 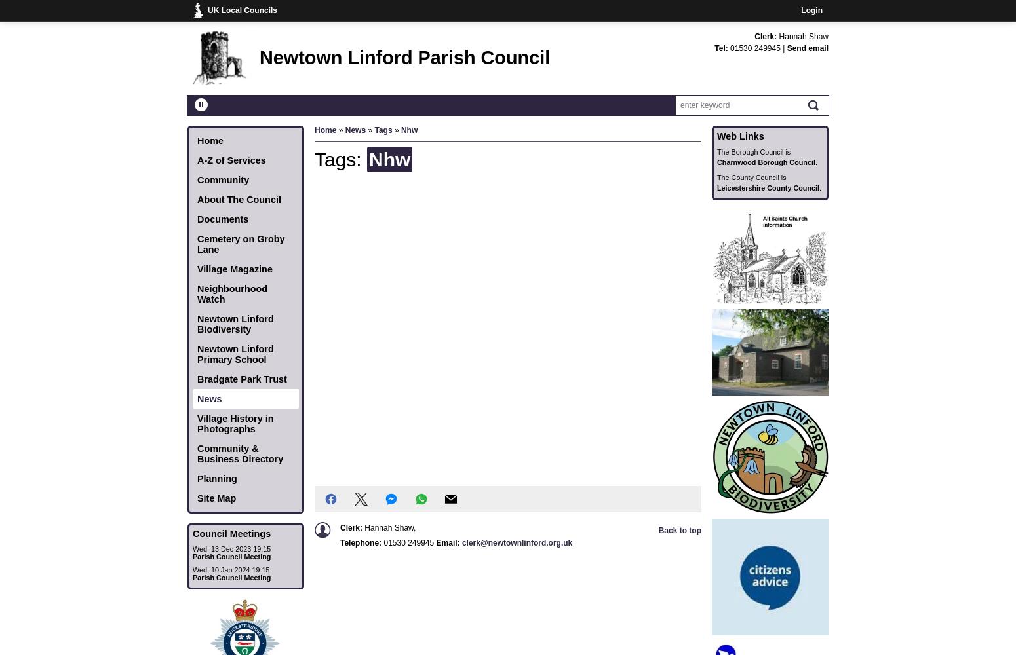 What do you see at coordinates (197, 180) in the screenshot?
I see `'Community'` at bounding box center [197, 180].